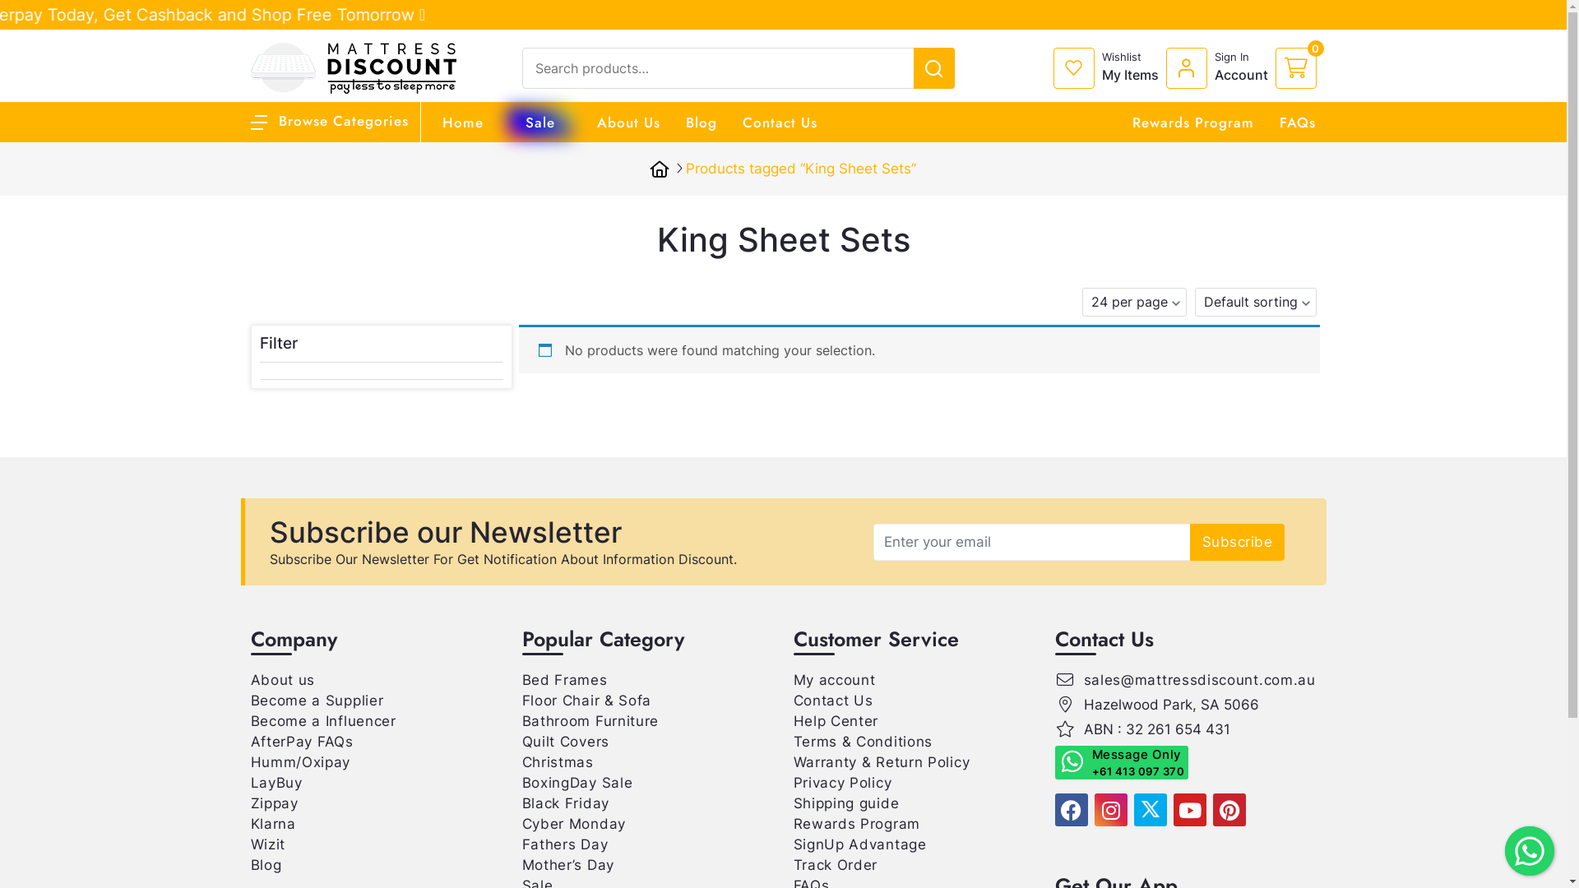 Image resolution: width=1579 pixels, height=888 pixels. What do you see at coordinates (586, 701) in the screenshot?
I see `'Floor Chair & Sofa'` at bounding box center [586, 701].